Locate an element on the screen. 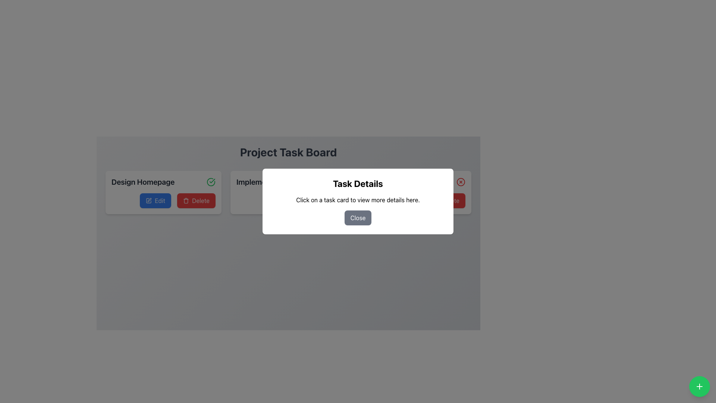  the small geometric vector graphic resembling a square with rounded edges, located in the 'Task Details' modal near the top-left corner is located at coordinates (273, 200).